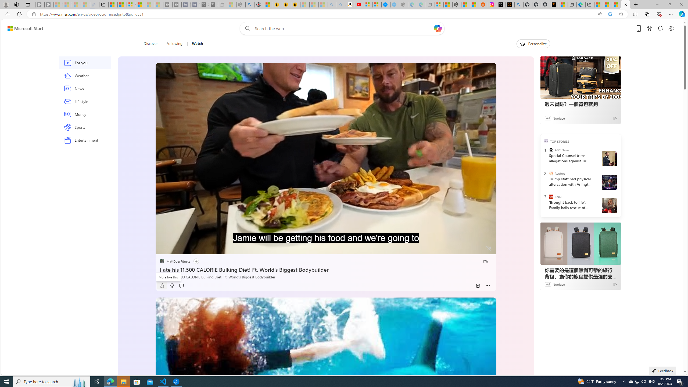 The width and height of the screenshot is (688, 387). What do you see at coordinates (231, 4) in the screenshot?
I see `'Wildlife - MSN - Sleeping'` at bounding box center [231, 4].